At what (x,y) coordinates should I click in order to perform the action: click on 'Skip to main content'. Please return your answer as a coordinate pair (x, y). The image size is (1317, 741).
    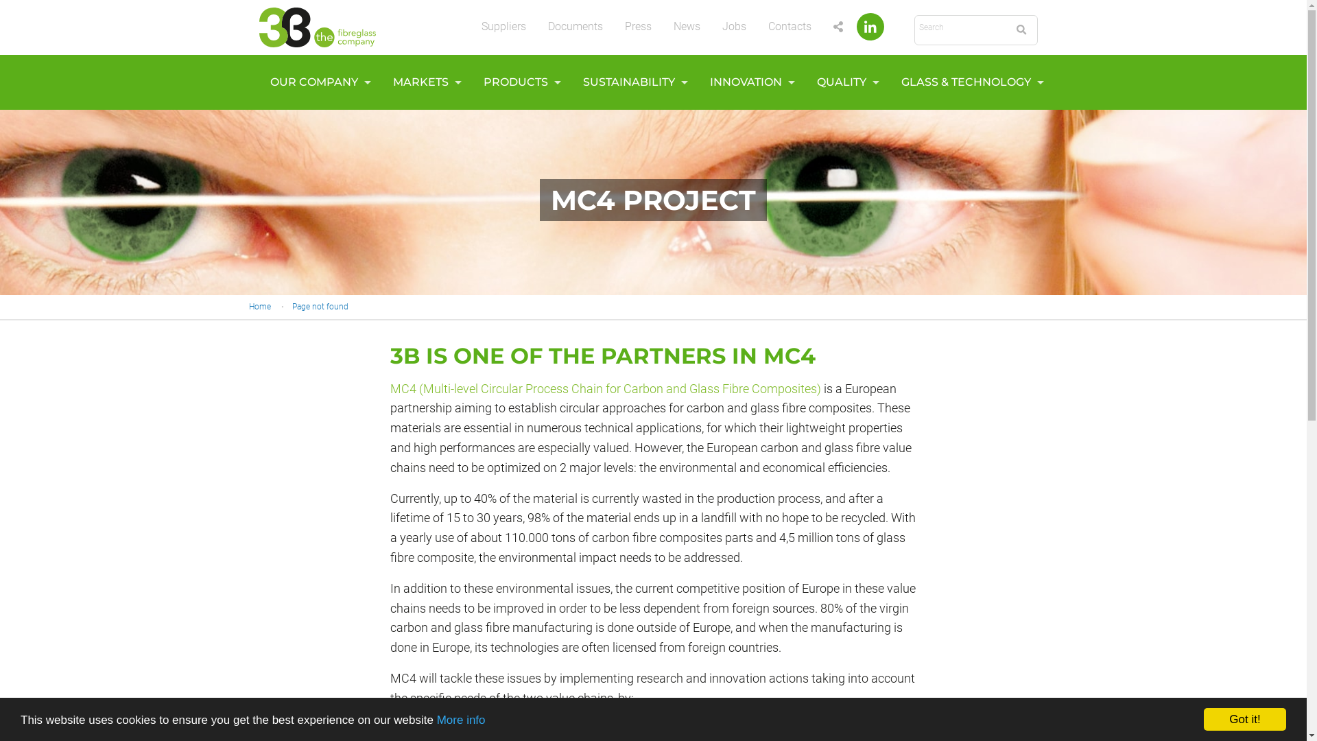
    Looking at the image, I should click on (0, 0).